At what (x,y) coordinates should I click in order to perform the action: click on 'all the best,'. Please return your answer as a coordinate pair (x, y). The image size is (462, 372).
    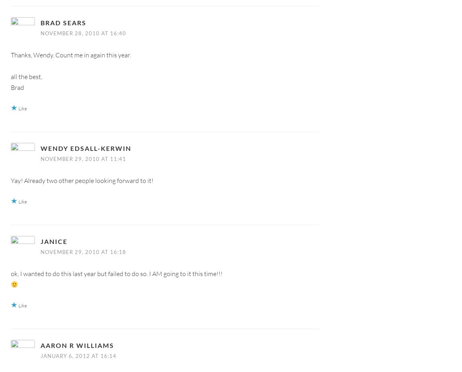
    Looking at the image, I should click on (26, 76).